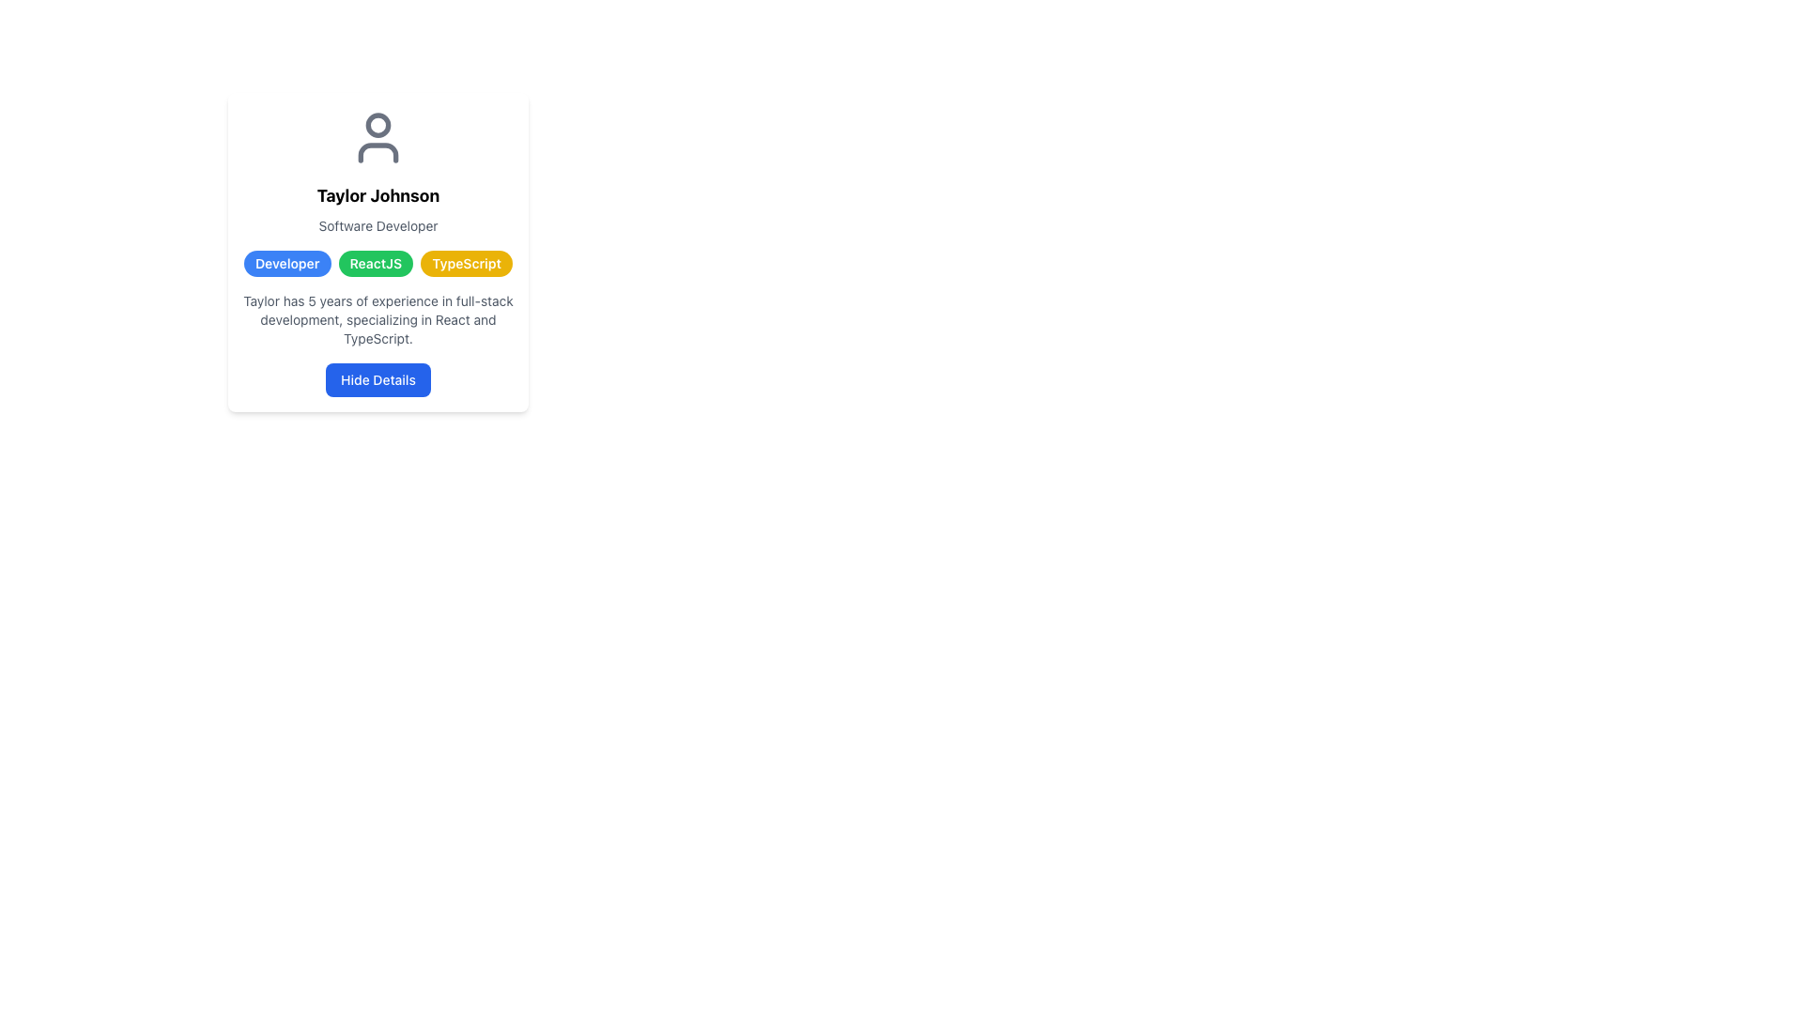  I want to click on the content of the rounded rectangular badge displaying 'TypeScript' in bold white font on a yellow background, located beneath the title 'Taylor Johnson' and 'Software Developer'. It is the third badge in the sequence, so click(467, 264).